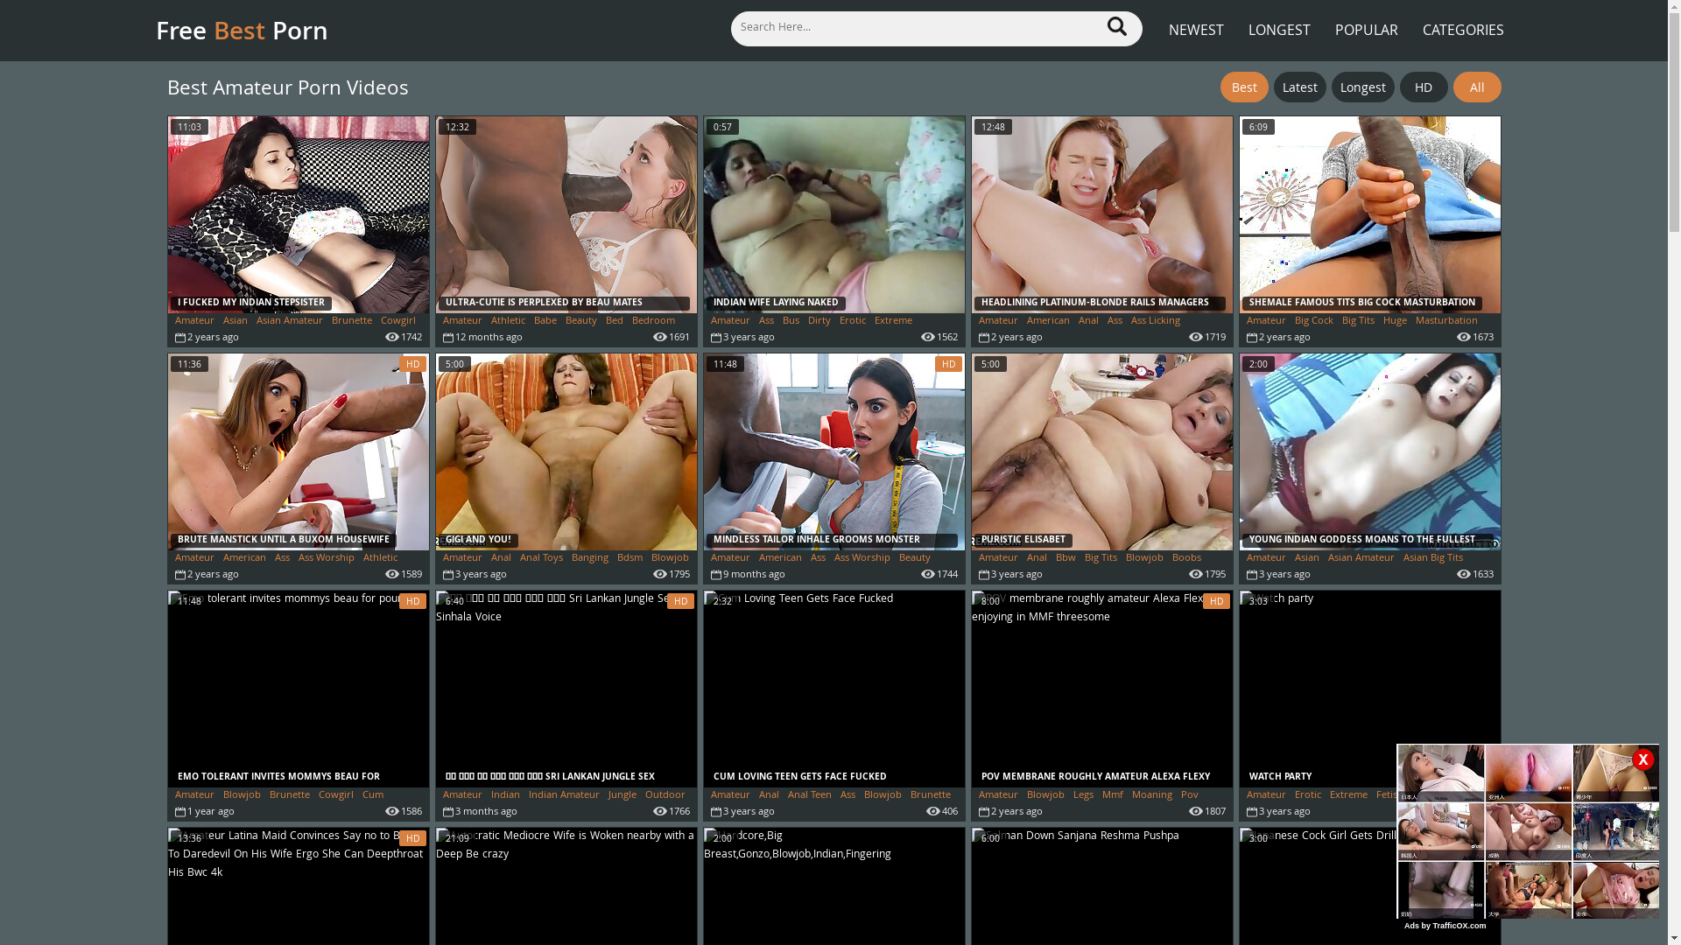  Describe the element at coordinates (998, 795) in the screenshot. I see `'Amateur'` at that location.